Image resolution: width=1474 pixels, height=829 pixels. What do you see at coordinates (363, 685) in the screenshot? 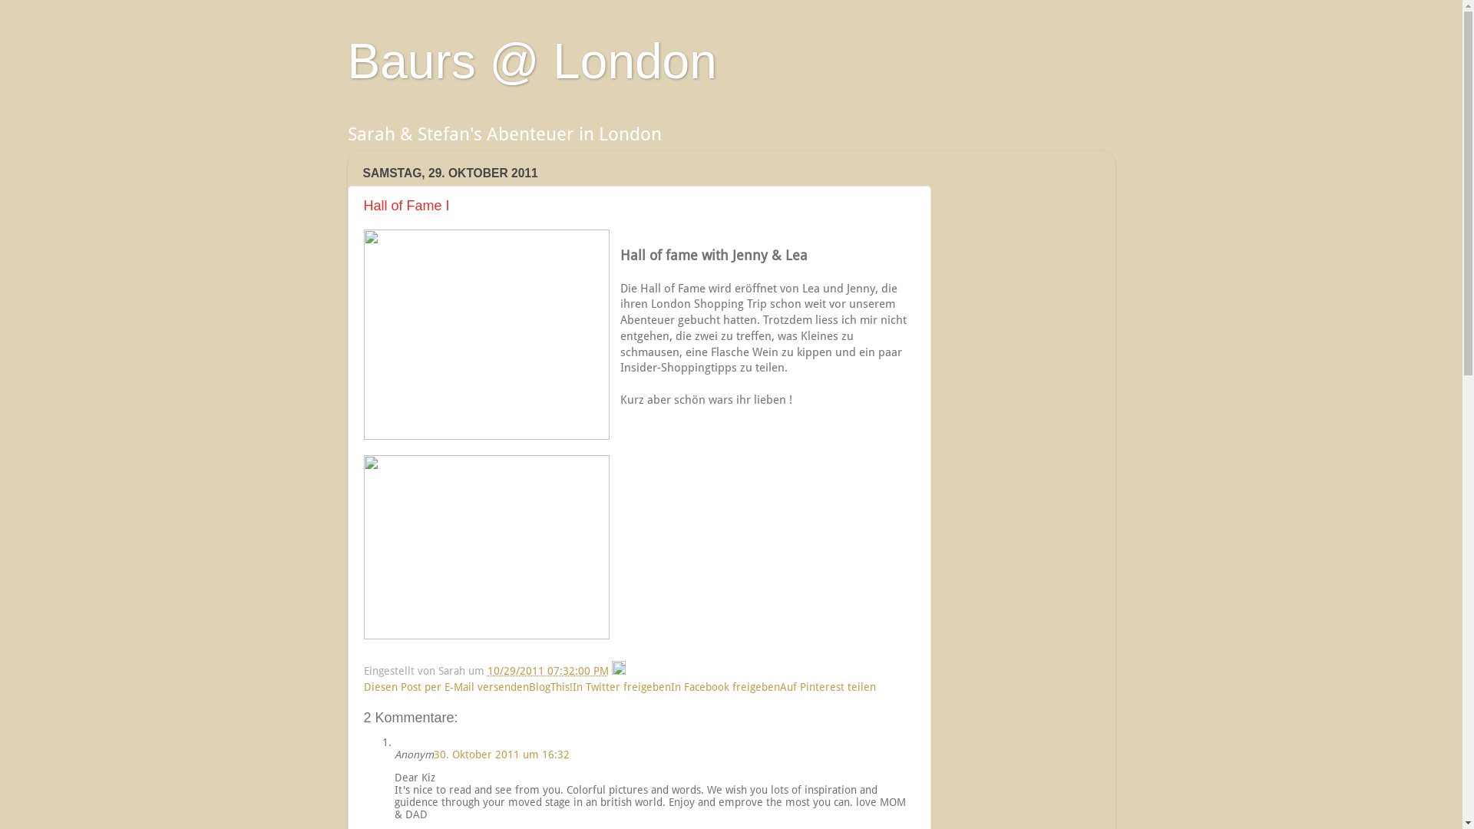
I see `'Diesen Post per E-Mail versenden'` at bounding box center [363, 685].